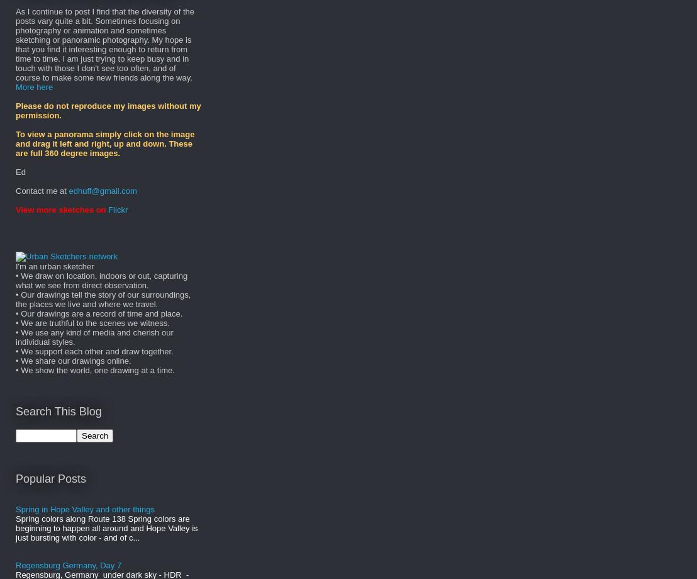  I want to click on '• We use any kind of media and cherish our individual styles.', so click(94, 337).